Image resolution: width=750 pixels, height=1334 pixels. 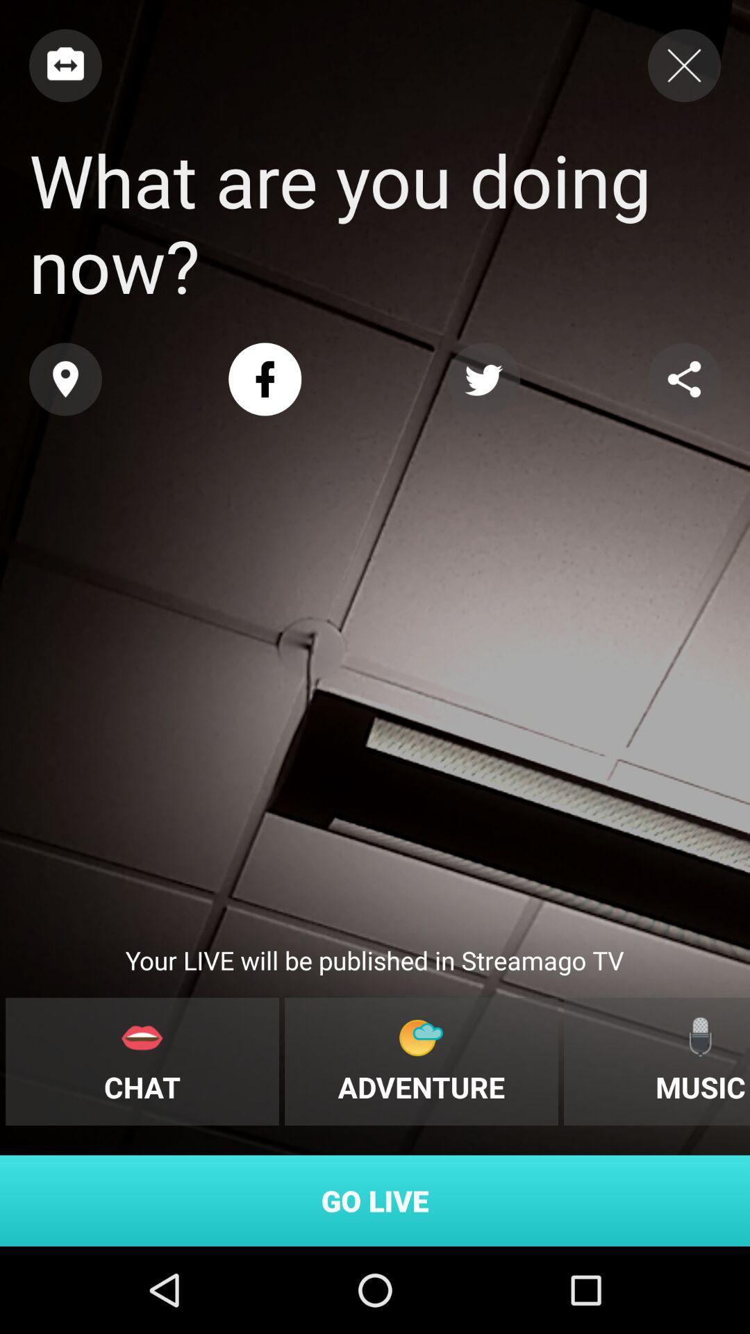 What do you see at coordinates (375, 1200) in the screenshot?
I see `the go live` at bounding box center [375, 1200].